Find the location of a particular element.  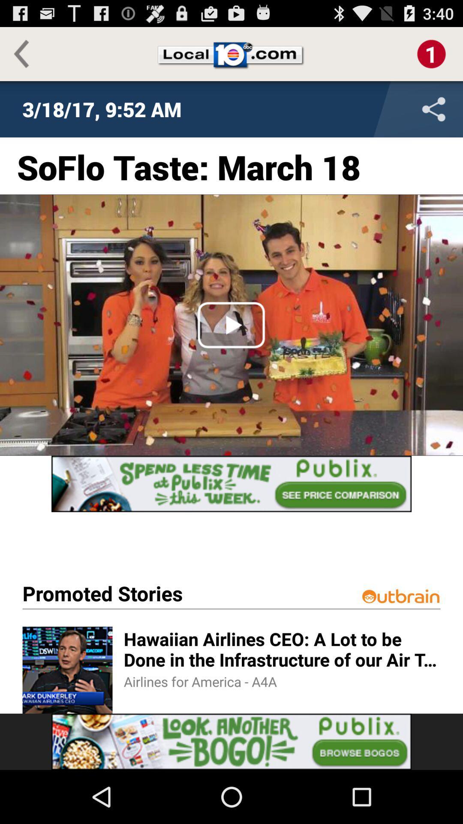

share is located at coordinates (377, 109).